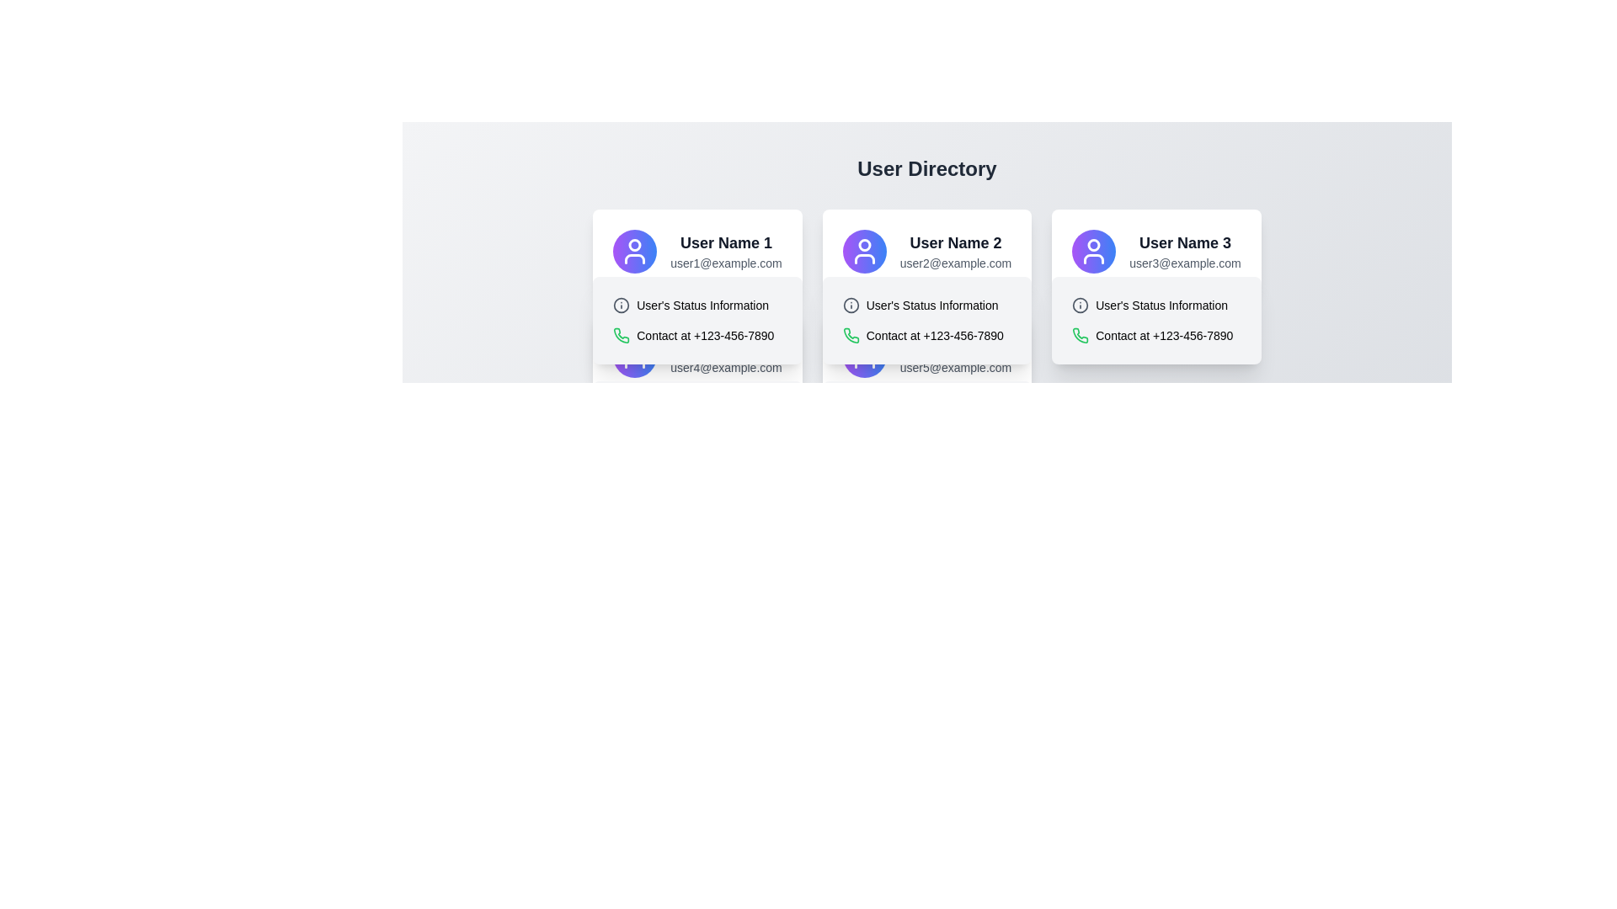 This screenshot has width=1617, height=909. Describe the element at coordinates (934, 335) in the screenshot. I see `the text 'Contact at +123-456-7890' for copying, which is located in the center card of a horizontal user card layout, beneath the 'User's Status Information' text and beside a green phone icon` at that location.